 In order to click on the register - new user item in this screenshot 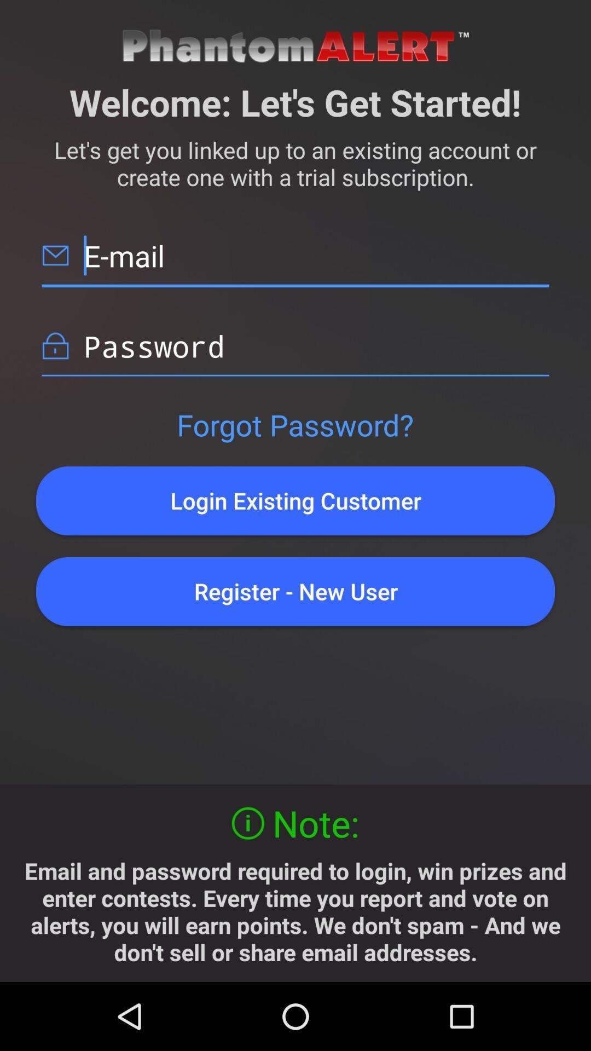, I will do `click(296, 591)`.